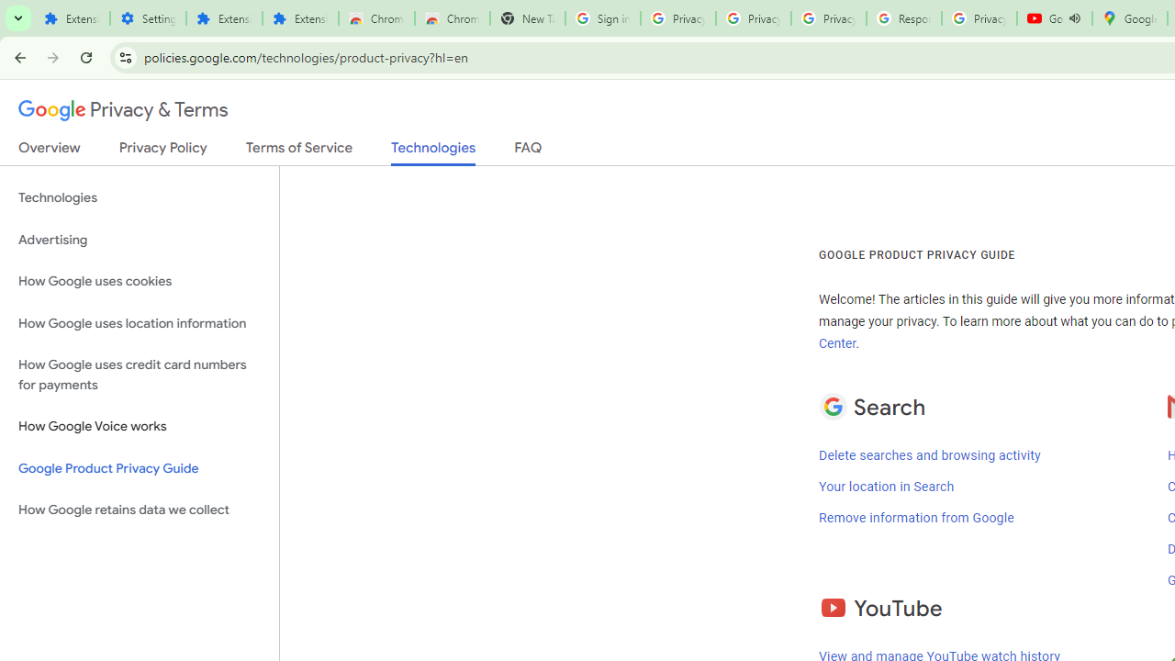  Describe the element at coordinates (886, 486) in the screenshot. I see `'Your location in Search'` at that location.